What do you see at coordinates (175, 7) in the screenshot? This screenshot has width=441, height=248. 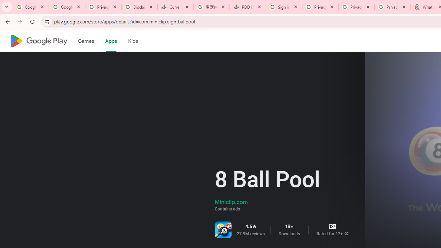 I see `'Currencies - Google Finance'` at bounding box center [175, 7].